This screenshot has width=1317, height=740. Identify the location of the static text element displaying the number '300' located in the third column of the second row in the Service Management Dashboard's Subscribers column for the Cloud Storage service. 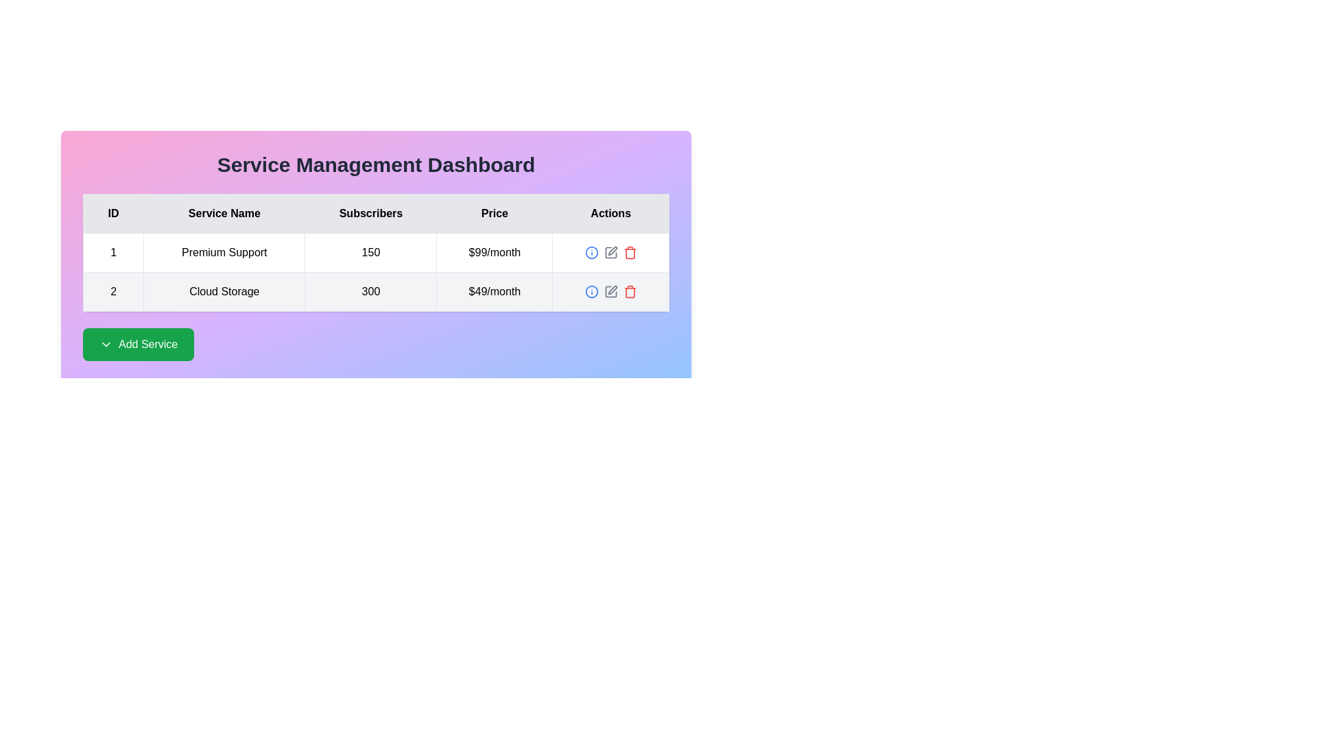
(370, 291).